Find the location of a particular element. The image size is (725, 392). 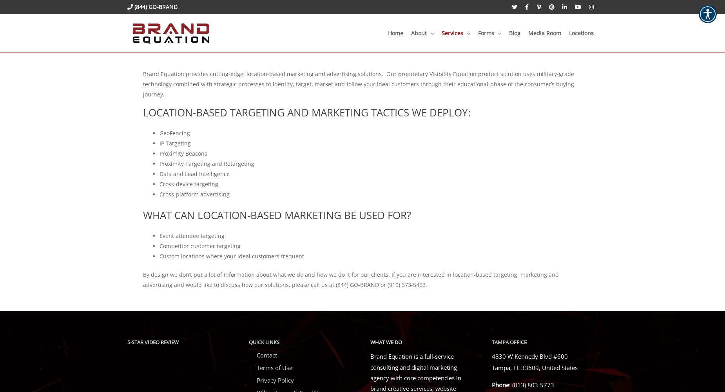

'By design we don’t put a lot of information about what we do and how we do it for our clients. If you are interested in location-based targeting, marketing and advertising and would like to discuss how our solutions, please call us at (844) GO-BRAND or (919) 373-5453.' is located at coordinates (143, 279).